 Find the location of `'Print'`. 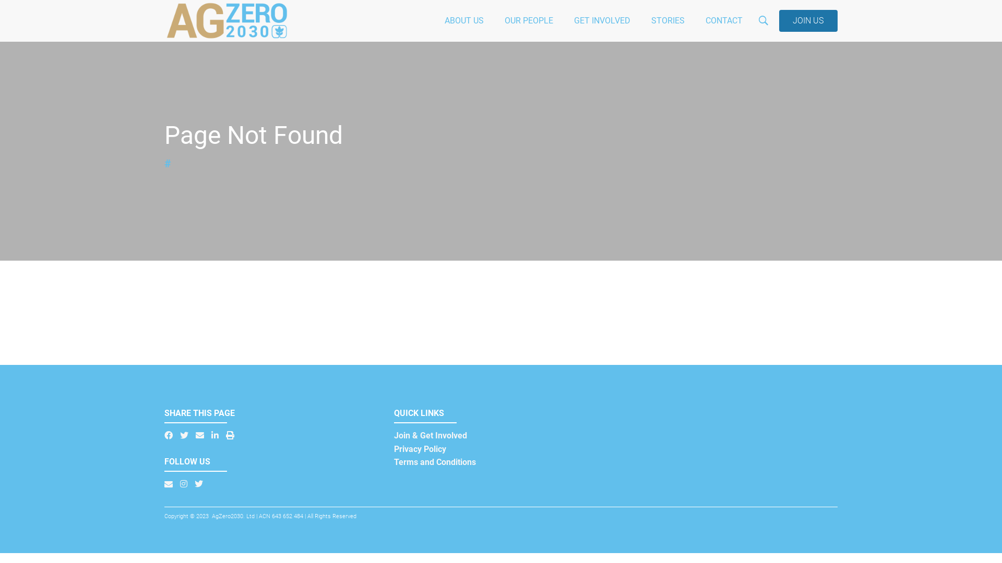

'Print' is located at coordinates (230, 435).